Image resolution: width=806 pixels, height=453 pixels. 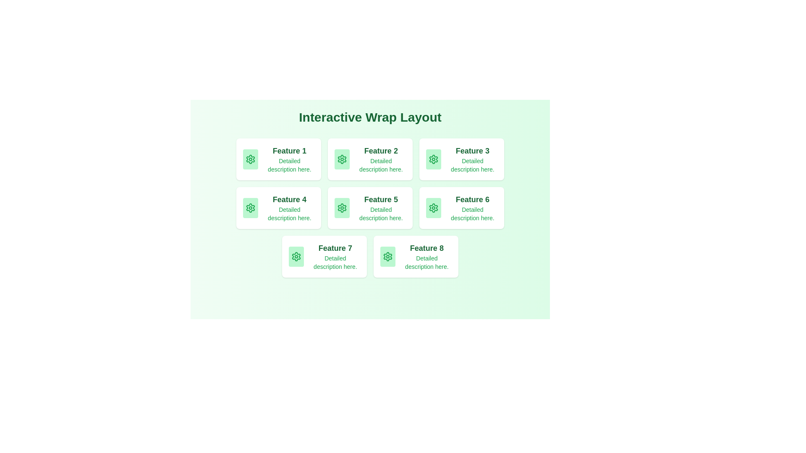 What do you see at coordinates (472, 159) in the screenshot?
I see `text from the card titled 'Feature 3' which contains a bold green title and a smaller green description, centrally aligned within a white rectangular card` at bounding box center [472, 159].